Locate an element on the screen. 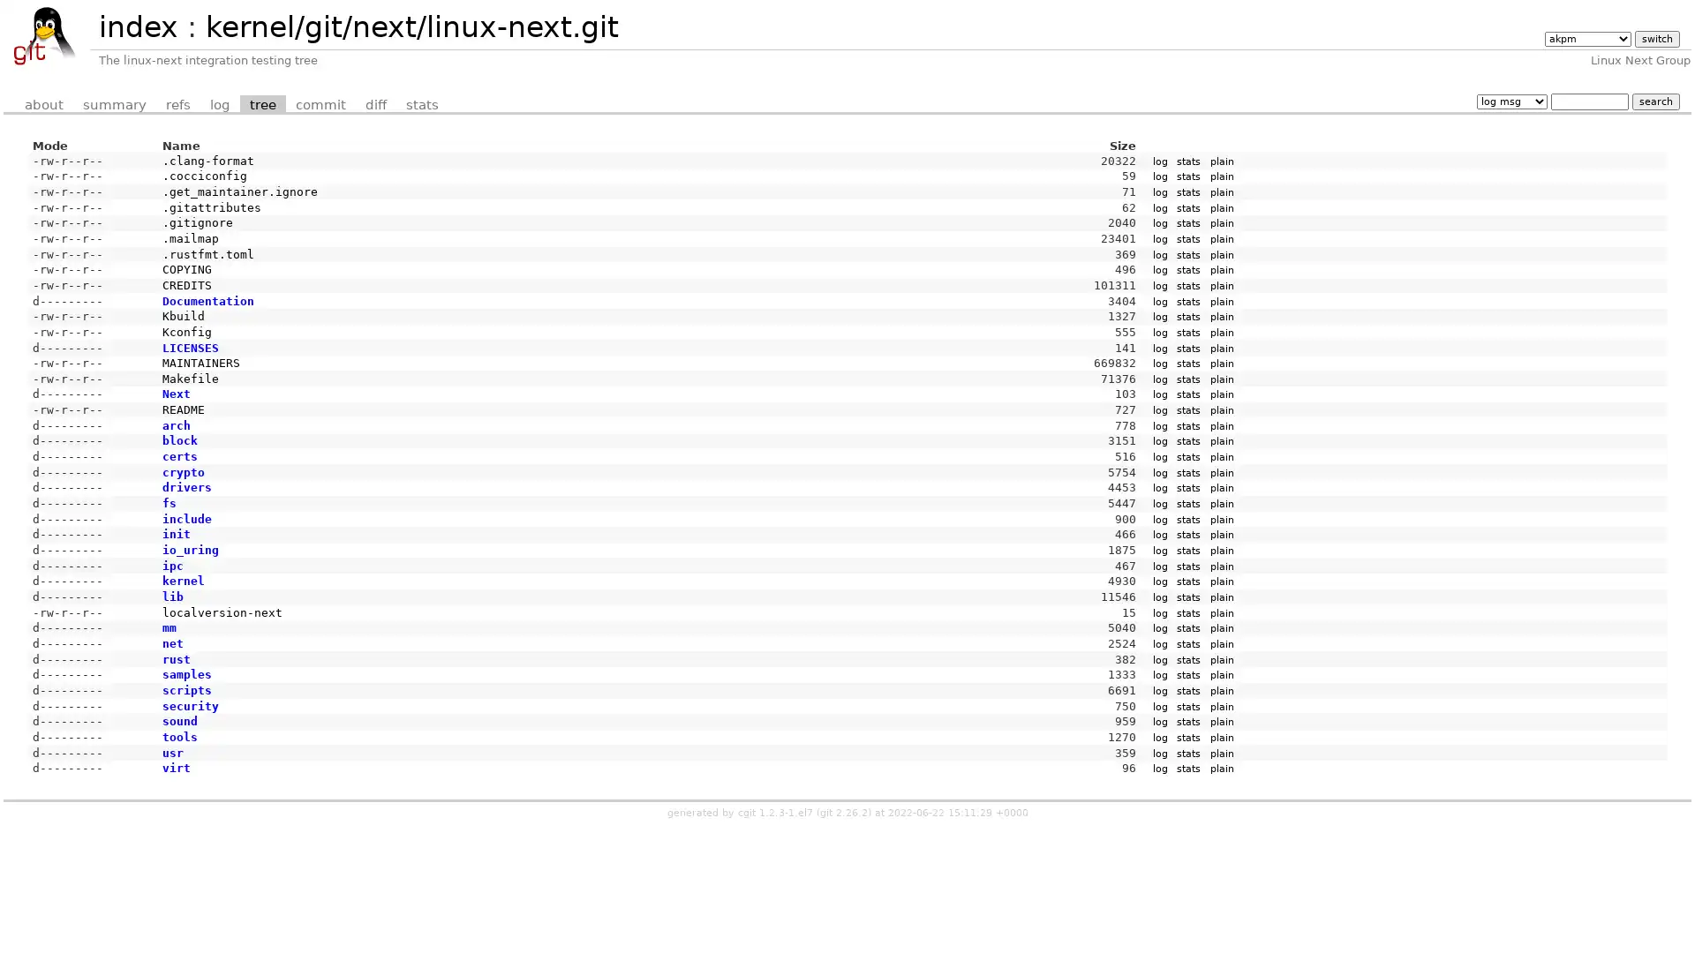  switch is located at coordinates (1655, 39).